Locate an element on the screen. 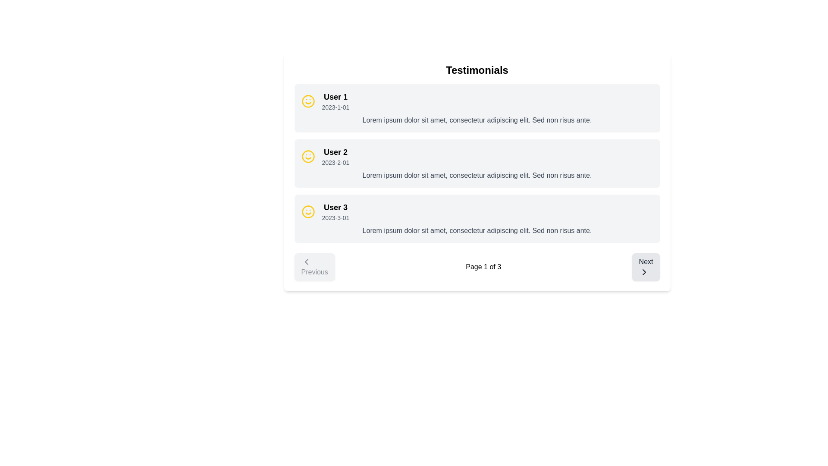  the user name label for 'User 1' in the first testimonial block, which is prominently displayed in bold style and located near the user avatar icon is located at coordinates (335, 97).